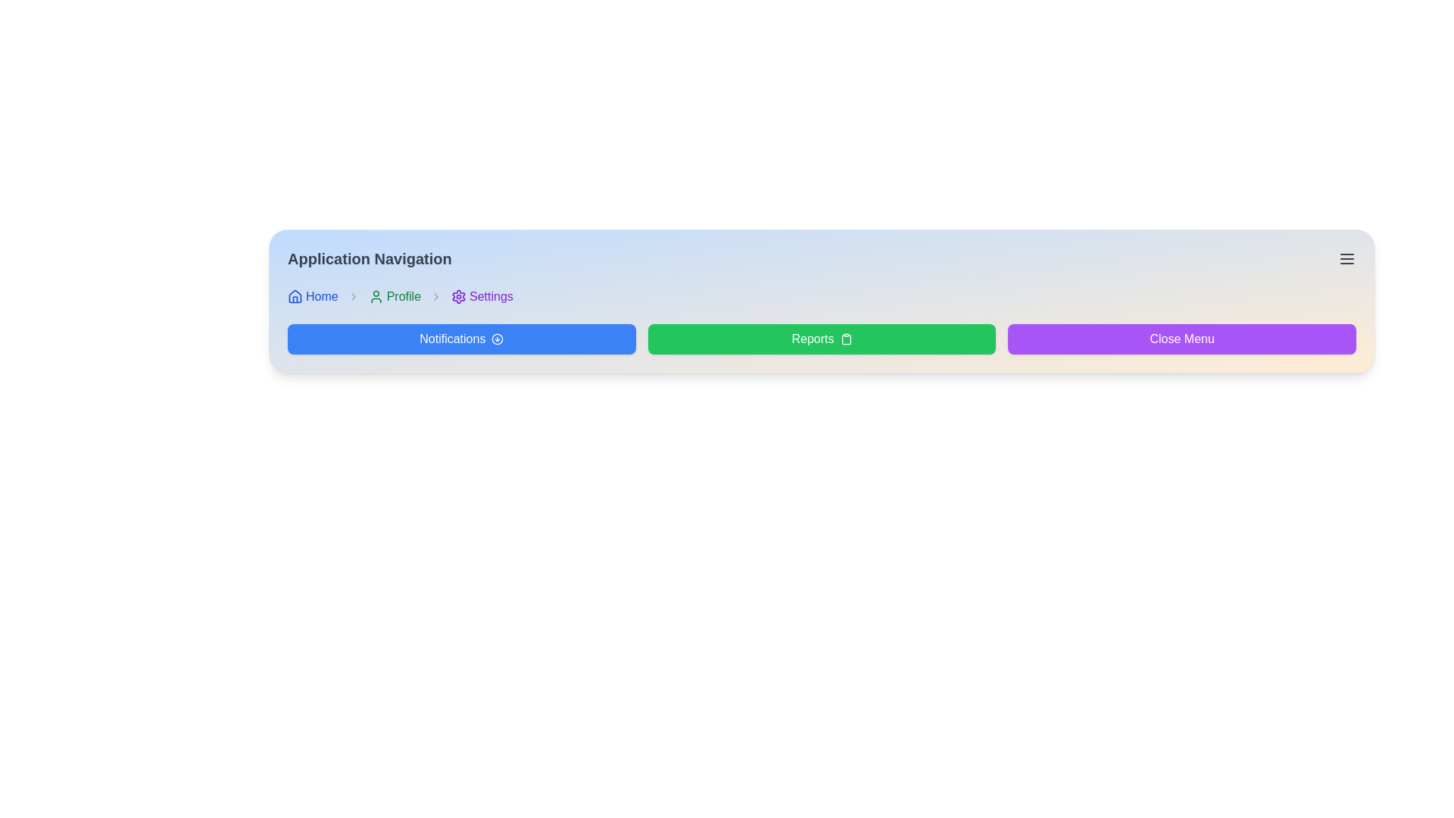 This screenshot has height=818, width=1454. I want to click on the circular icon with a downward arrow inside it, located within the blue 'Notifications' button, so click(498, 338).